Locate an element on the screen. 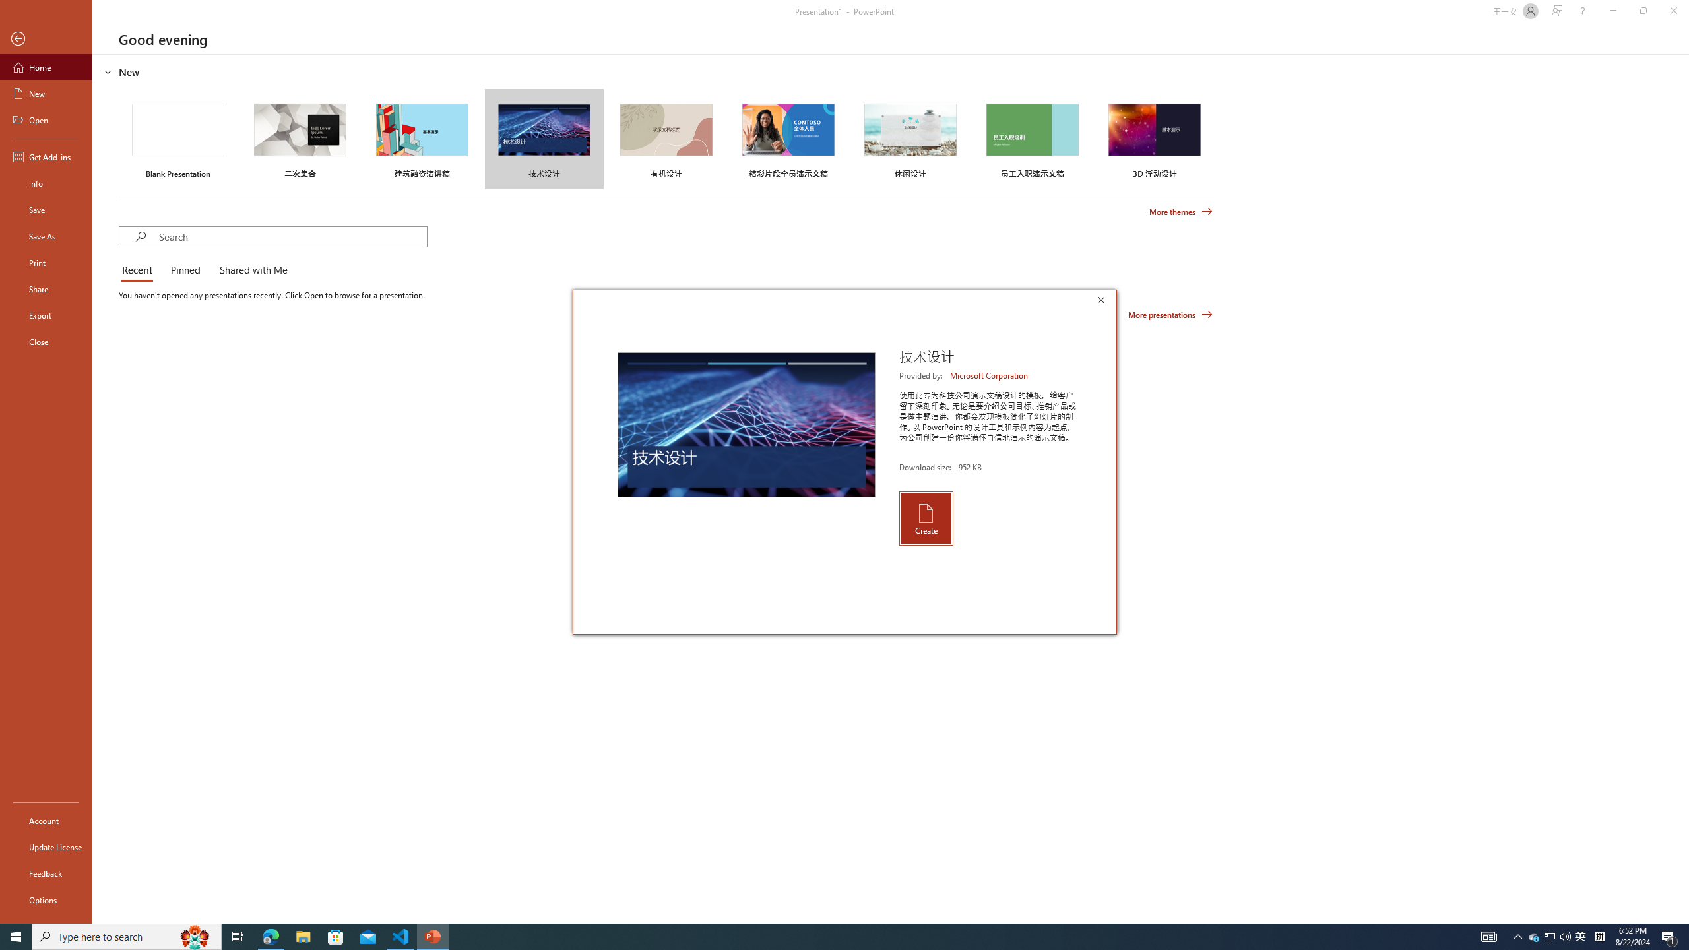 The width and height of the screenshot is (1689, 950). 'Back' is located at coordinates (46, 38).